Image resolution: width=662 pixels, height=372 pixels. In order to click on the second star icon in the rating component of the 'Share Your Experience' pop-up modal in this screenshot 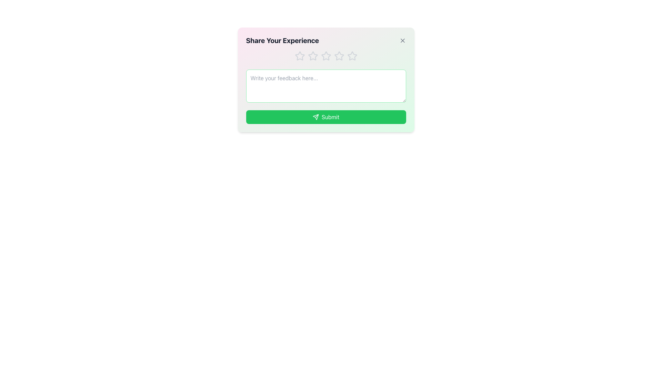, I will do `click(312, 55)`.